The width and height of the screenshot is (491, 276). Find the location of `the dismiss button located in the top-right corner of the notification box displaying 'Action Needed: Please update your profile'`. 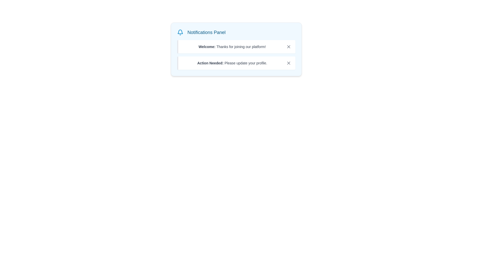

the dismiss button located in the top-right corner of the notification box displaying 'Action Needed: Please update your profile' is located at coordinates (288, 63).